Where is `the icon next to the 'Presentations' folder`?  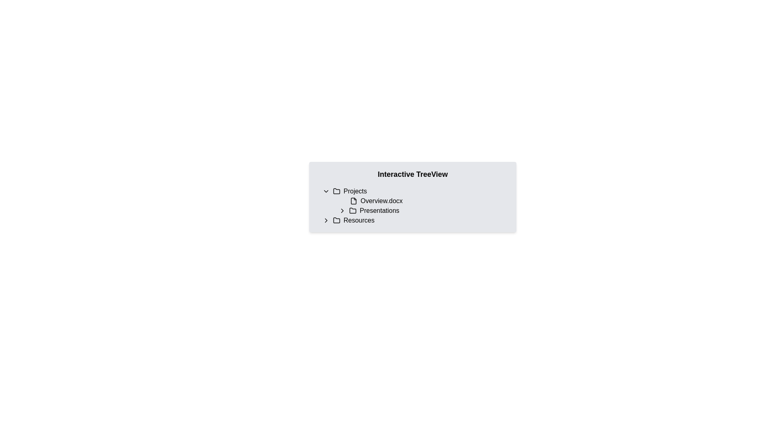
the icon next to the 'Presentations' folder is located at coordinates (326, 220).